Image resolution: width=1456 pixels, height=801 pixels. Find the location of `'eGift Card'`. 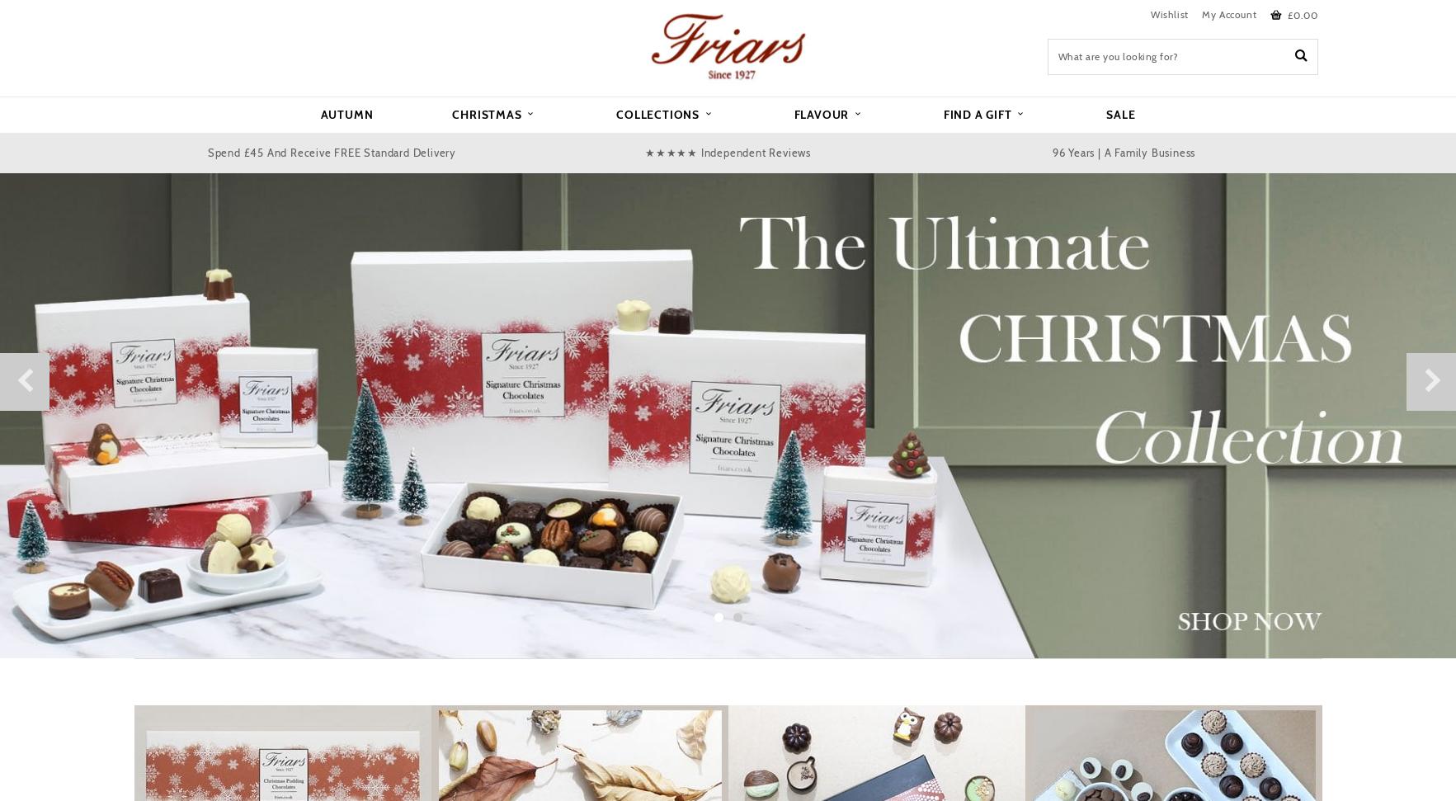

'eGift Card' is located at coordinates (659, 293).